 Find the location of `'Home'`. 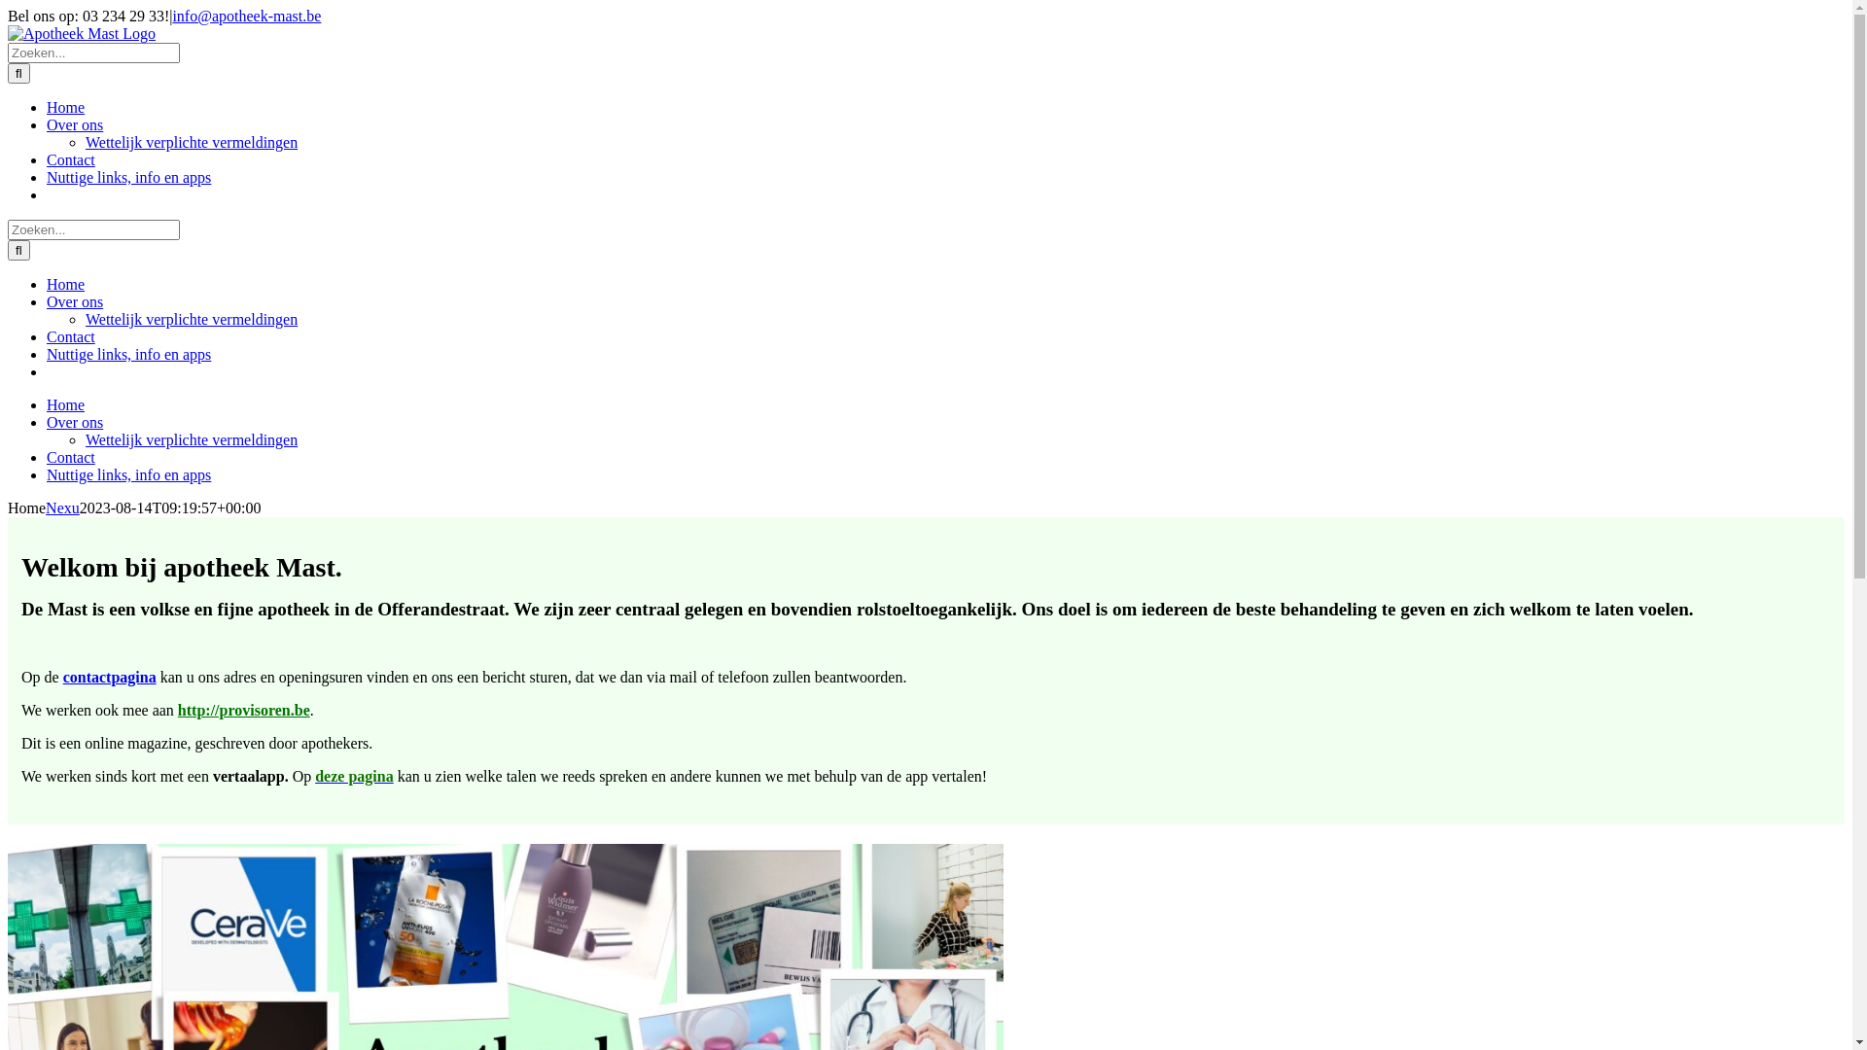

'Home' is located at coordinates (65, 284).